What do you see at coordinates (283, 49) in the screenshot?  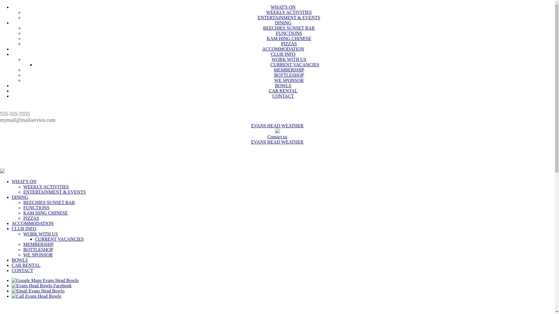 I see `'ACCOMMODATION'` at bounding box center [283, 49].